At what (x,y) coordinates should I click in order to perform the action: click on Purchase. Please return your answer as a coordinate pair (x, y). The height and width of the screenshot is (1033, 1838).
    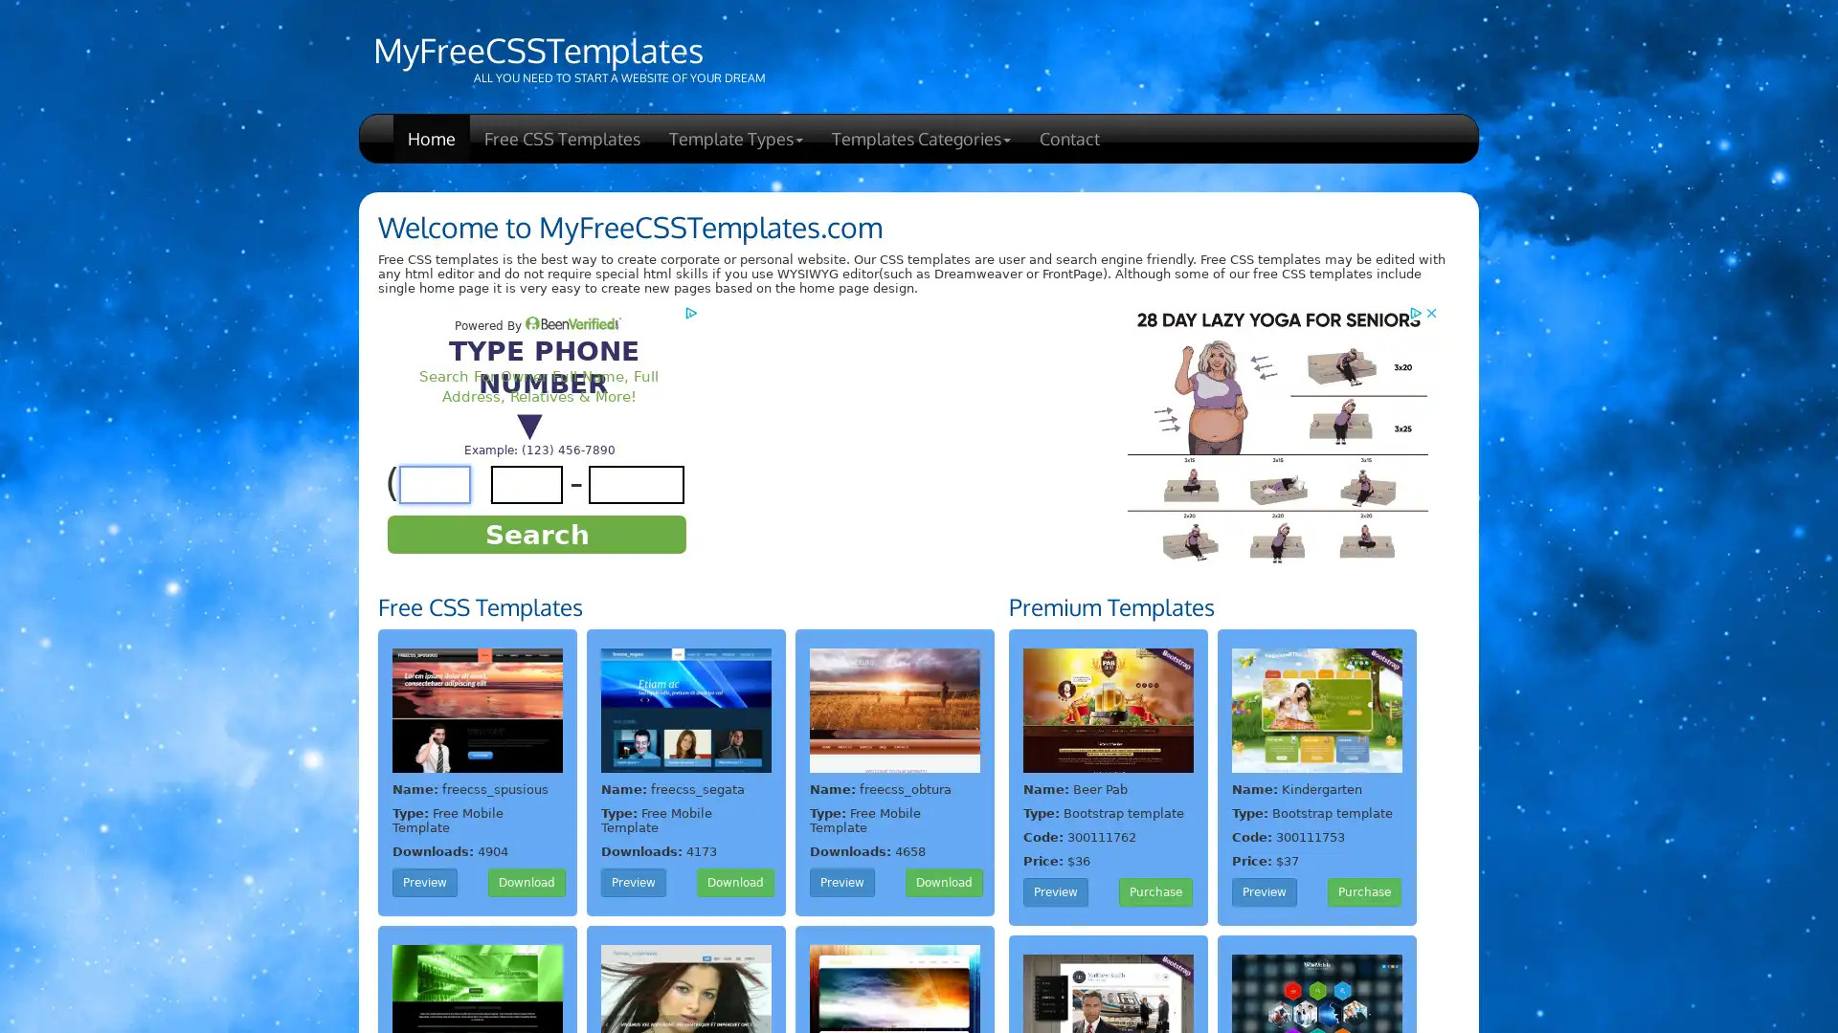
    Looking at the image, I should click on (1363, 892).